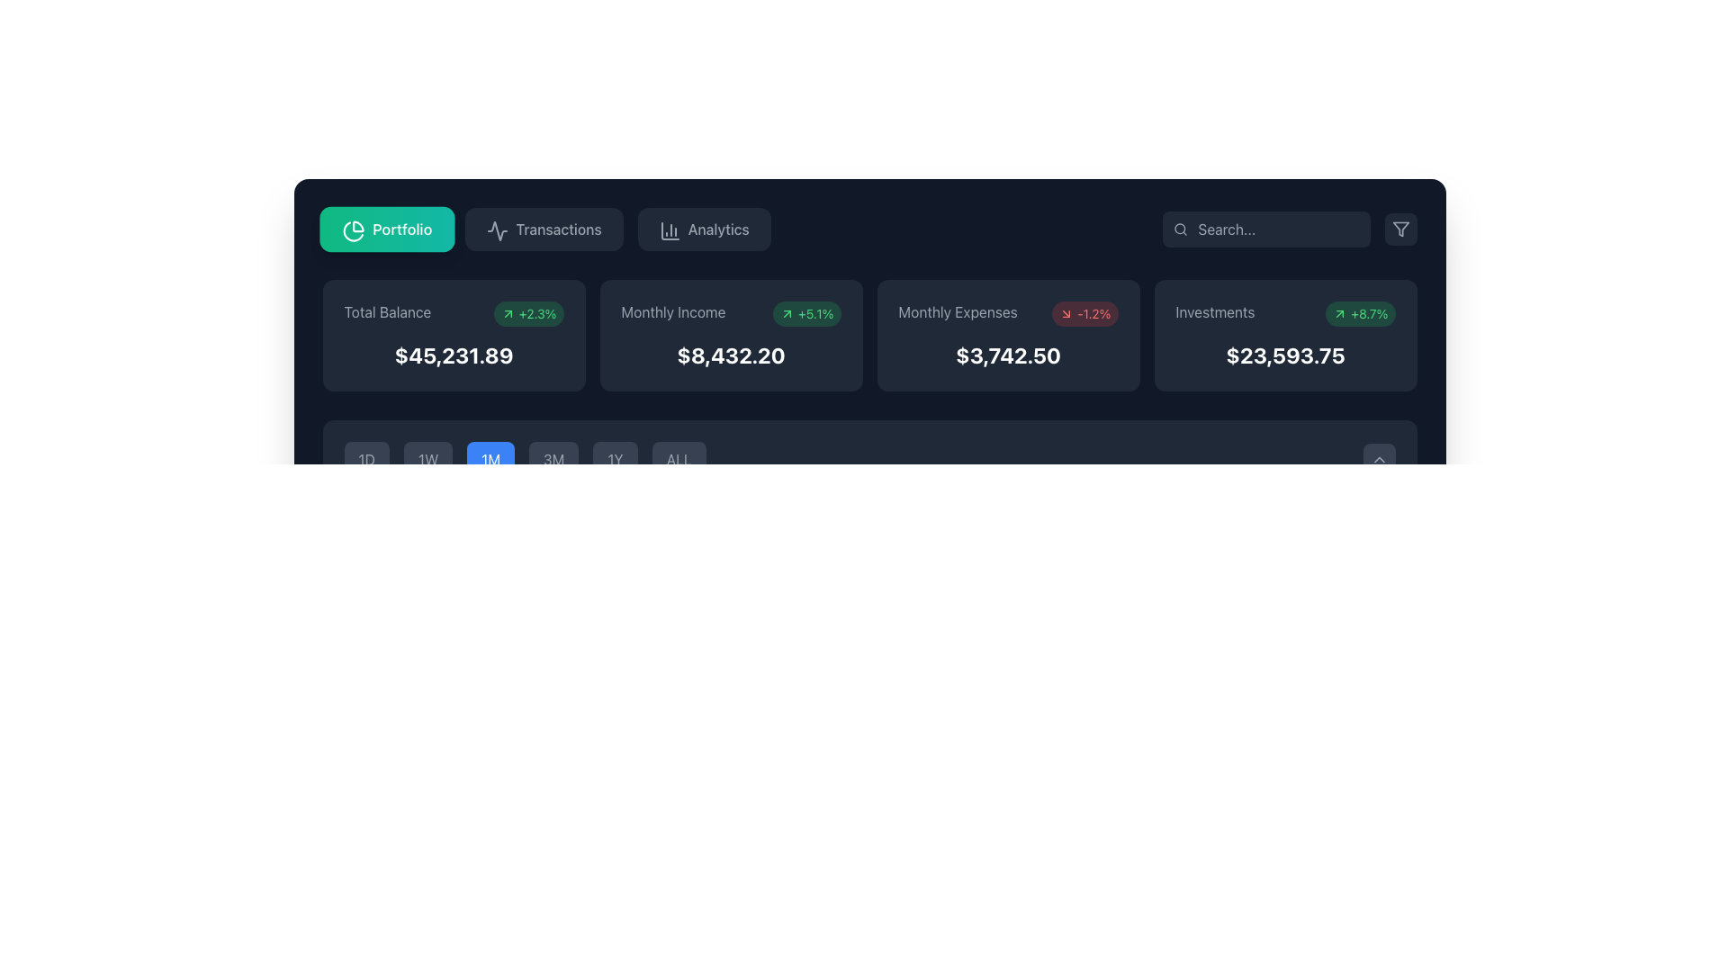 The height and width of the screenshot is (972, 1728). What do you see at coordinates (678, 458) in the screenshot?
I see `the 'ALL' button, which is the last button in a horizontal series of filters labeled '1D', '1W', '1M', '3M', '1Y', and 'ALL' with a muted grayish background and lighter gray text` at bounding box center [678, 458].